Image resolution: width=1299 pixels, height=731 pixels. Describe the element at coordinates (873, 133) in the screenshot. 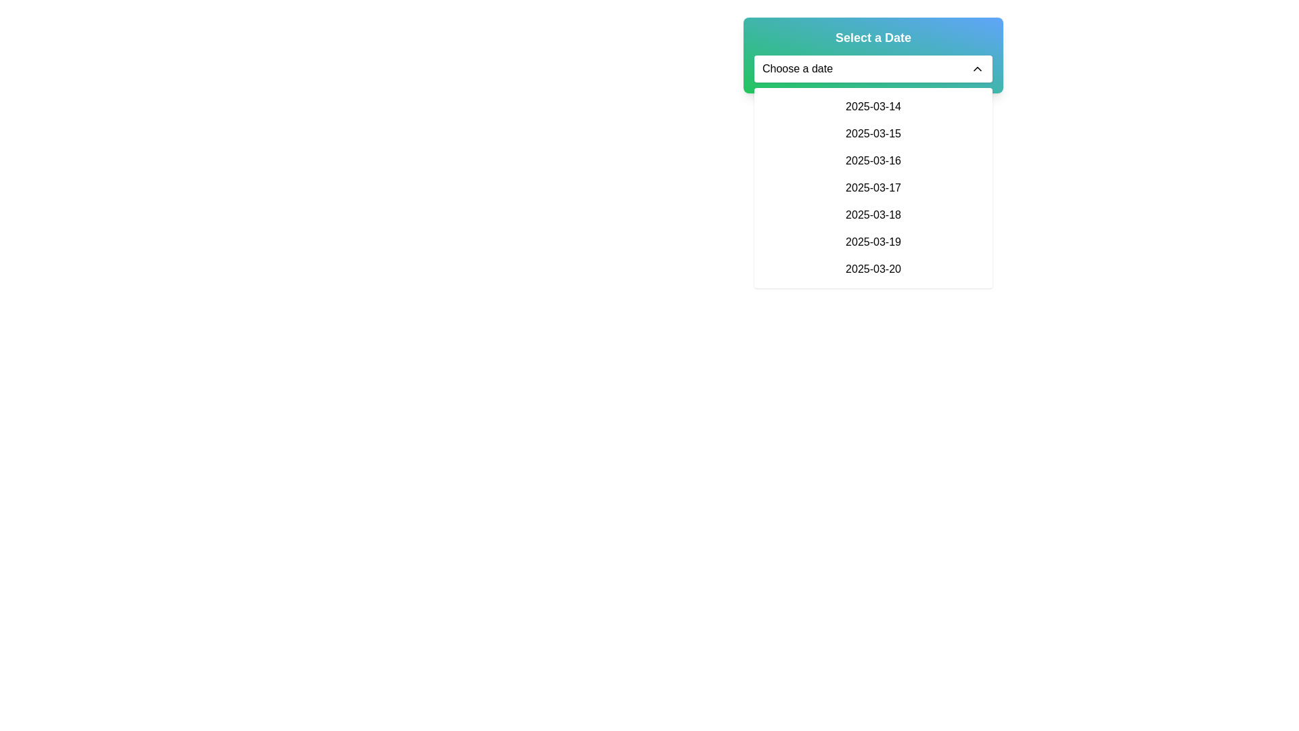

I see `the selectable date '2025-03-15' in the dropdown menu, which is the second option in the list of dates` at that location.